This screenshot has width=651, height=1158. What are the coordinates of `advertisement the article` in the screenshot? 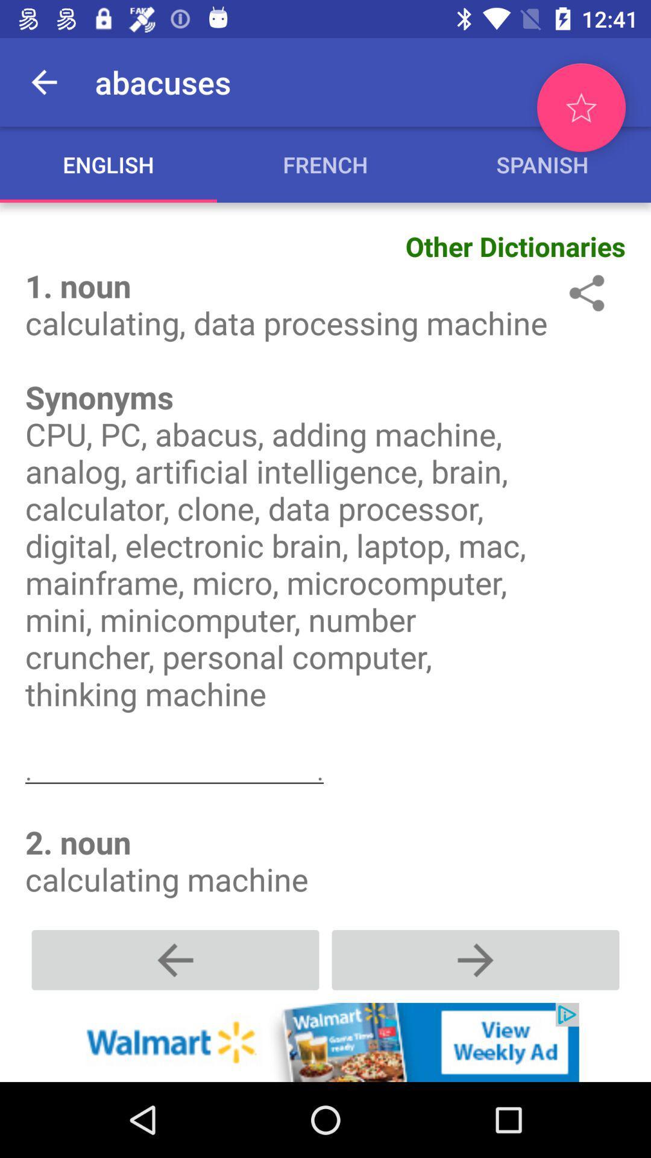 It's located at (325, 1042).